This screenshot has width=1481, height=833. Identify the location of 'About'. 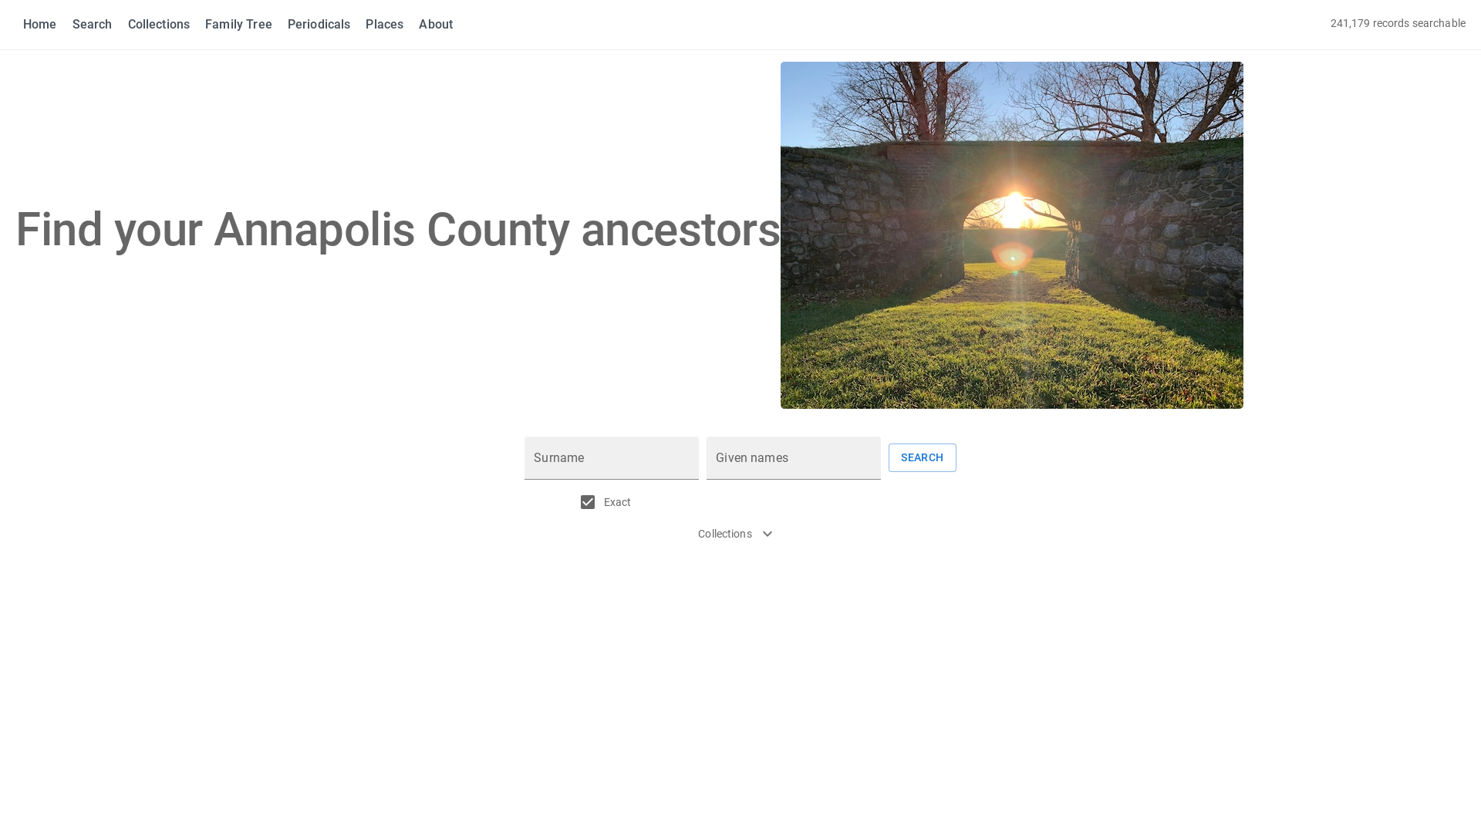
(435, 24).